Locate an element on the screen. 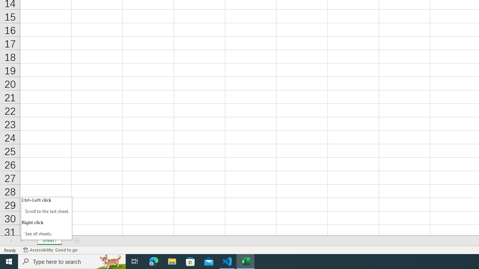  'Accessibility Checker Accessibility: Good to go' is located at coordinates (50, 250).